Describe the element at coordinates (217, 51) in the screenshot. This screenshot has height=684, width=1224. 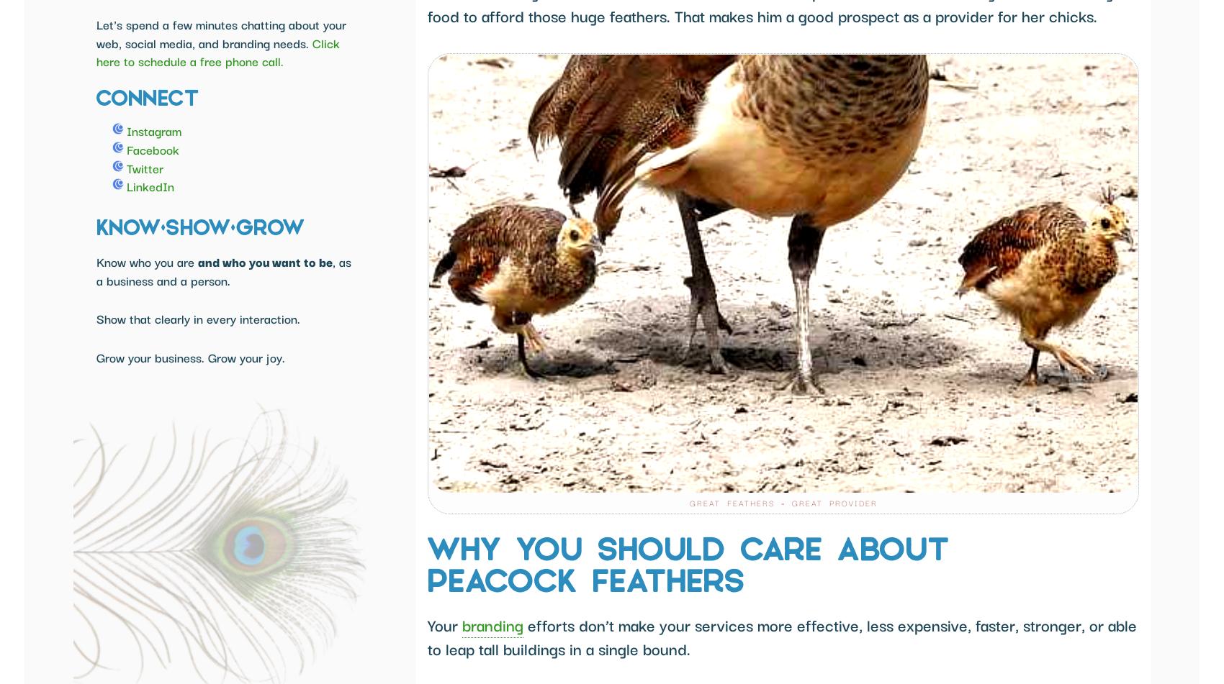
I see `'Click here to schedule a free phone call.'` at that location.